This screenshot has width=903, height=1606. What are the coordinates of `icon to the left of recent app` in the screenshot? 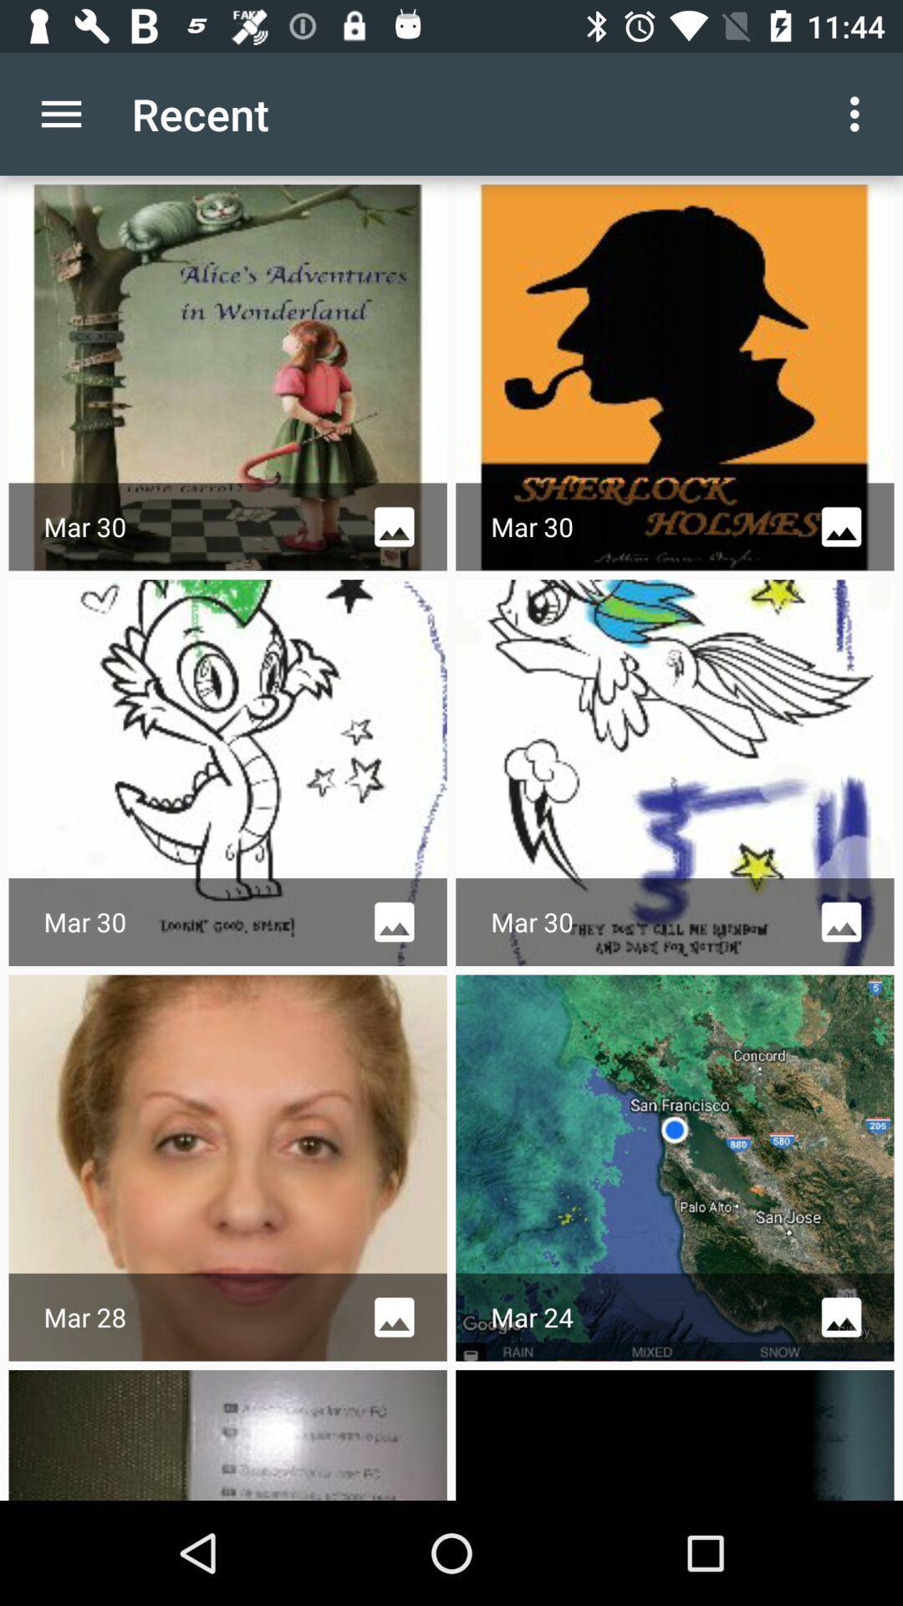 It's located at (60, 113).